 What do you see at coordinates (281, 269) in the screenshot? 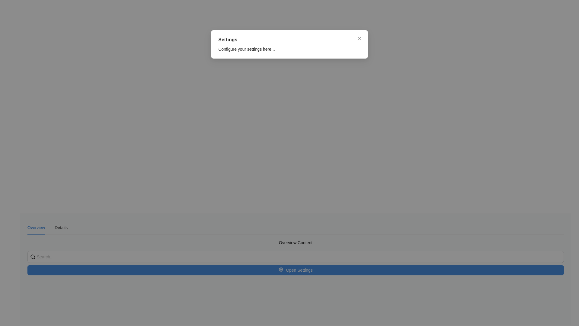
I see `the gear icon represented as a vector graphic within the 'Open Settings' button located at the bottom center of the interface` at bounding box center [281, 269].